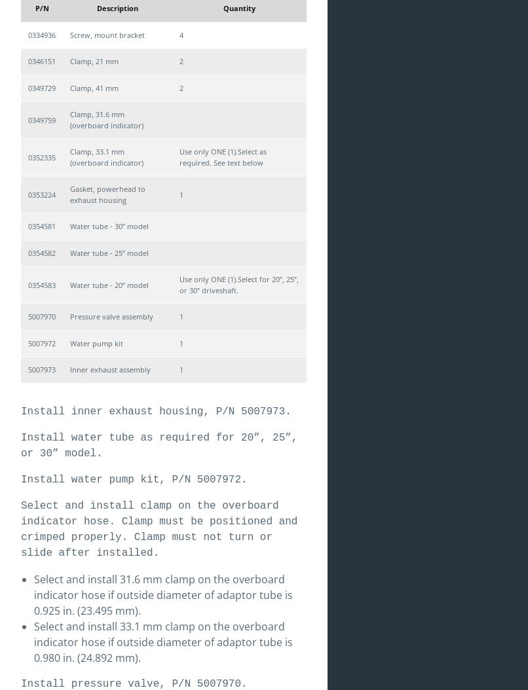 This screenshot has height=690, width=528. What do you see at coordinates (41, 284) in the screenshot?
I see `'0354583'` at bounding box center [41, 284].